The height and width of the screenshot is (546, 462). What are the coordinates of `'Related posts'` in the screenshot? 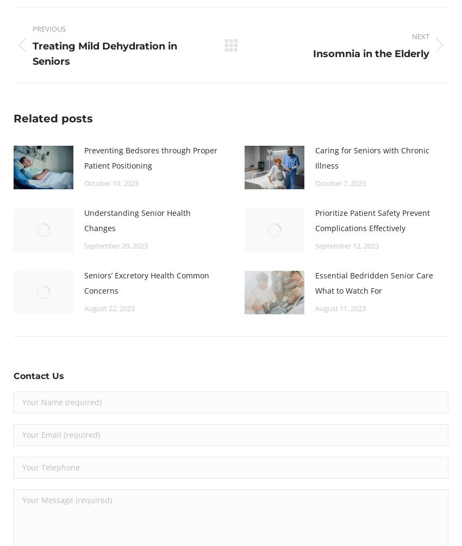 It's located at (53, 117).